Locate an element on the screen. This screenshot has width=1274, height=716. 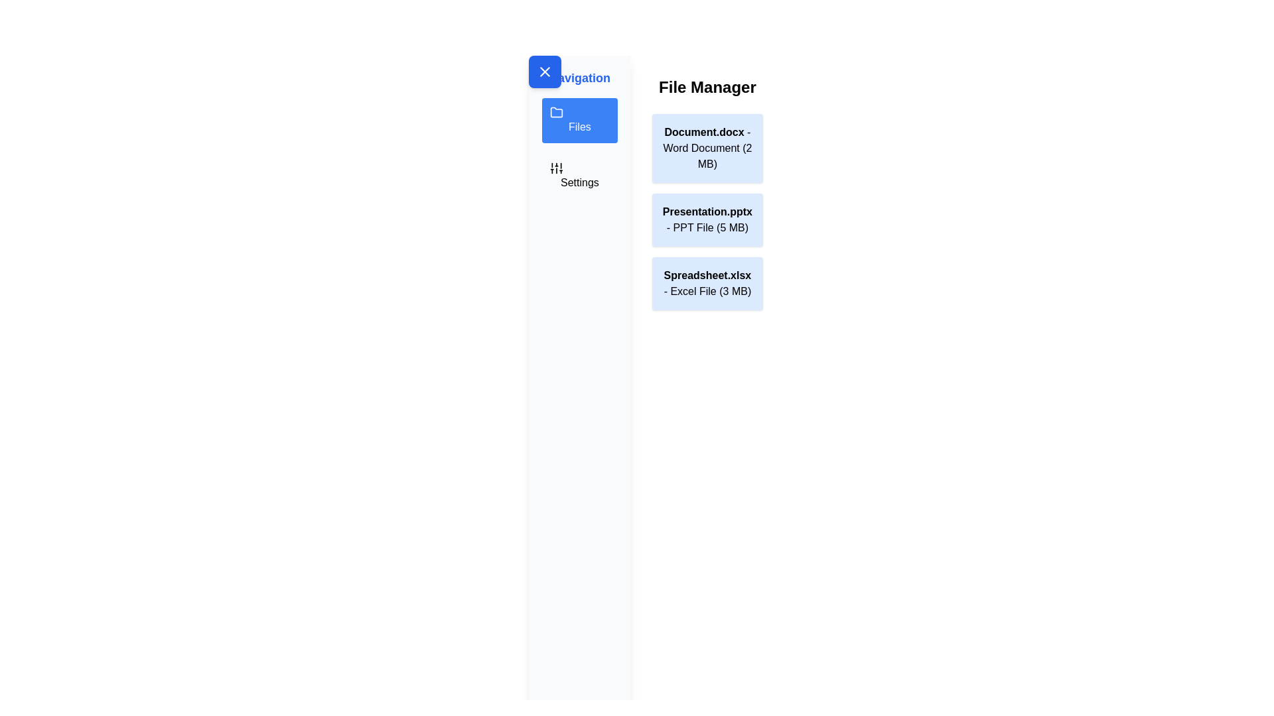
the 'Files' button located in the sidebar menu, which features a folder icon and has a blue background with white text is located at coordinates (579, 120).